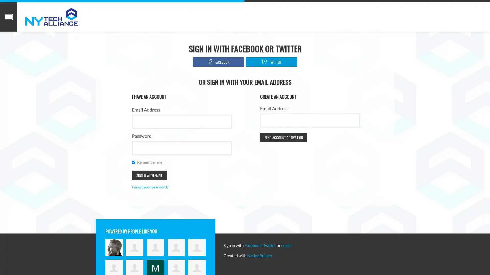  What do you see at coordinates (283, 137) in the screenshot?
I see `Send account activation` at bounding box center [283, 137].